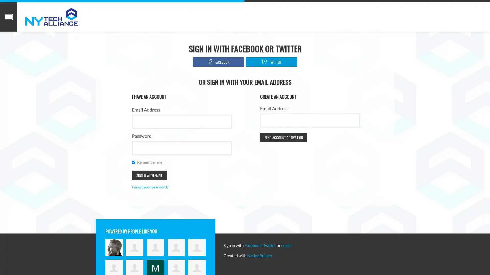  What do you see at coordinates (283, 137) in the screenshot?
I see `Send account activation` at bounding box center [283, 137].